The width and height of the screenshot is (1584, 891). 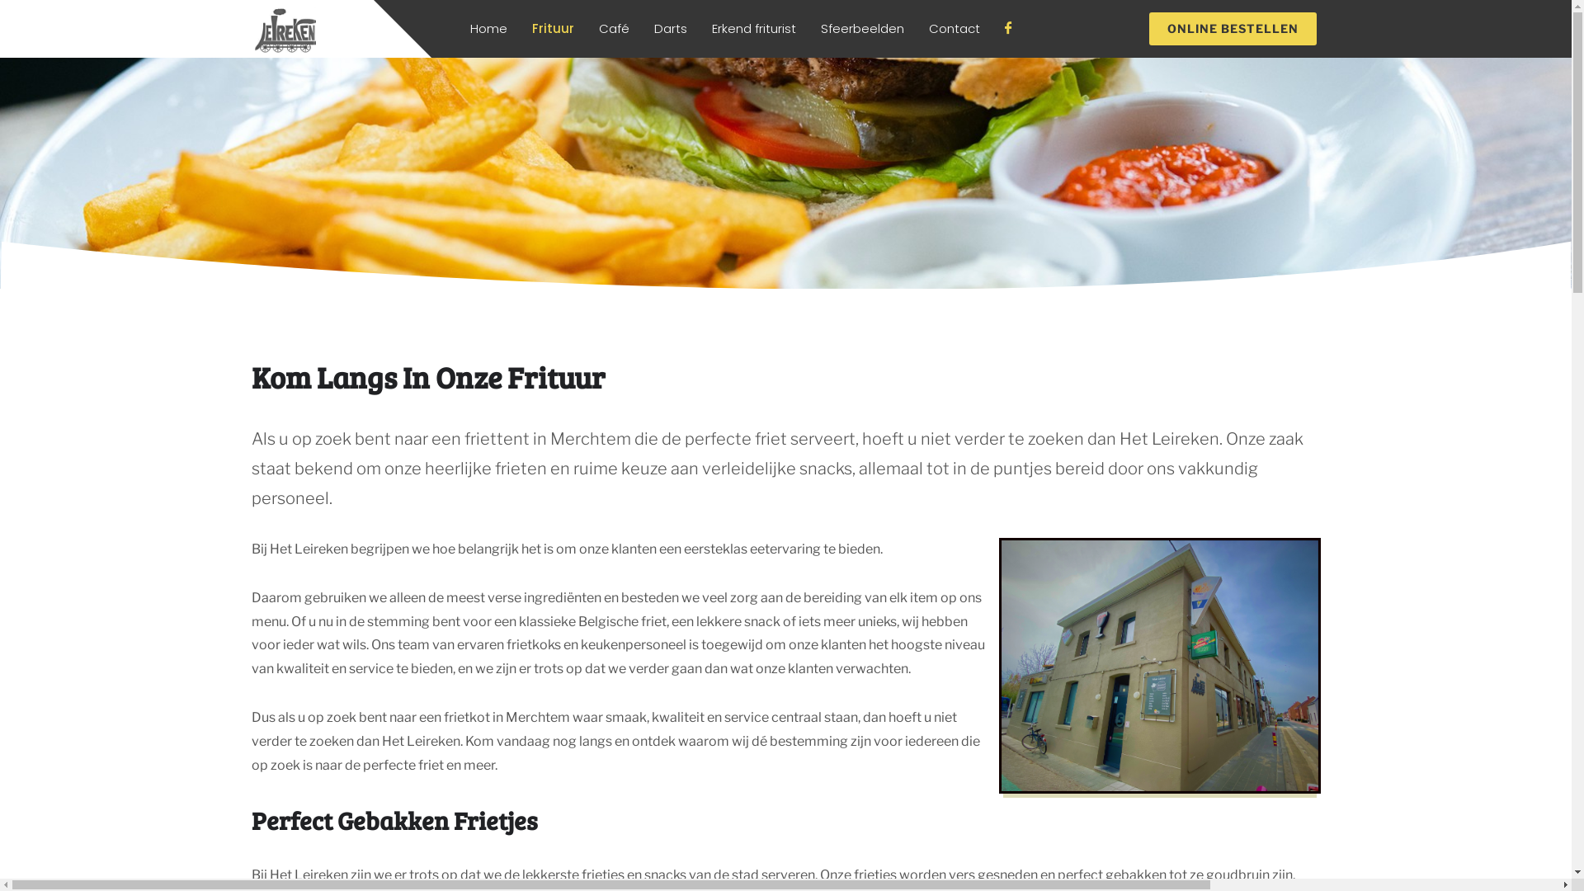 I want to click on 'Erkend friturist', so click(x=752, y=28).